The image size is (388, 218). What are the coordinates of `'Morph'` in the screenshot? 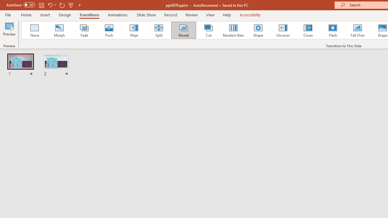 It's located at (59, 30).